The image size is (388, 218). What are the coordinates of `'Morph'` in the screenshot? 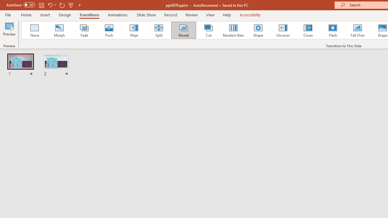 It's located at (59, 30).